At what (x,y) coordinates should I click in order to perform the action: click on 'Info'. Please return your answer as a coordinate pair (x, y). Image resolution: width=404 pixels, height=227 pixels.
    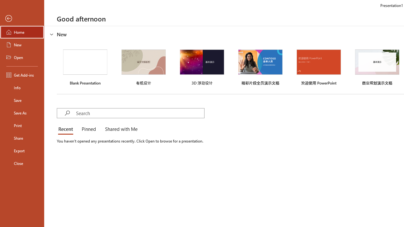
    Looking at the image, I should click on (22, 87).